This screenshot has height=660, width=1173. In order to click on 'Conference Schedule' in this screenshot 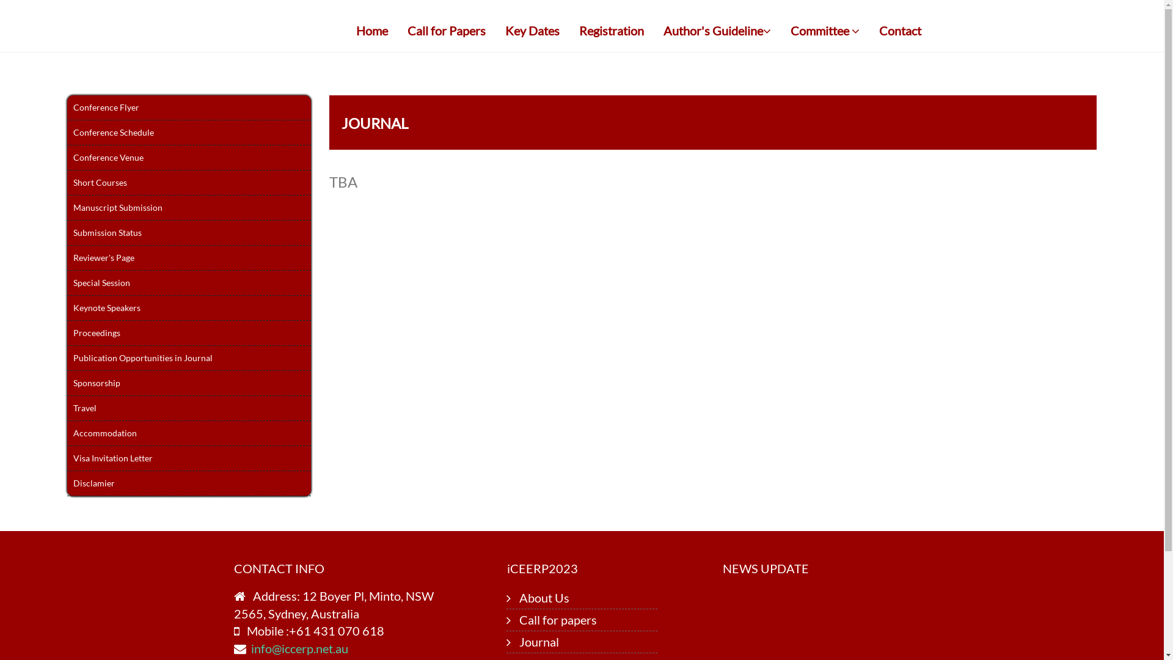, I will do `click(188, 133)`.